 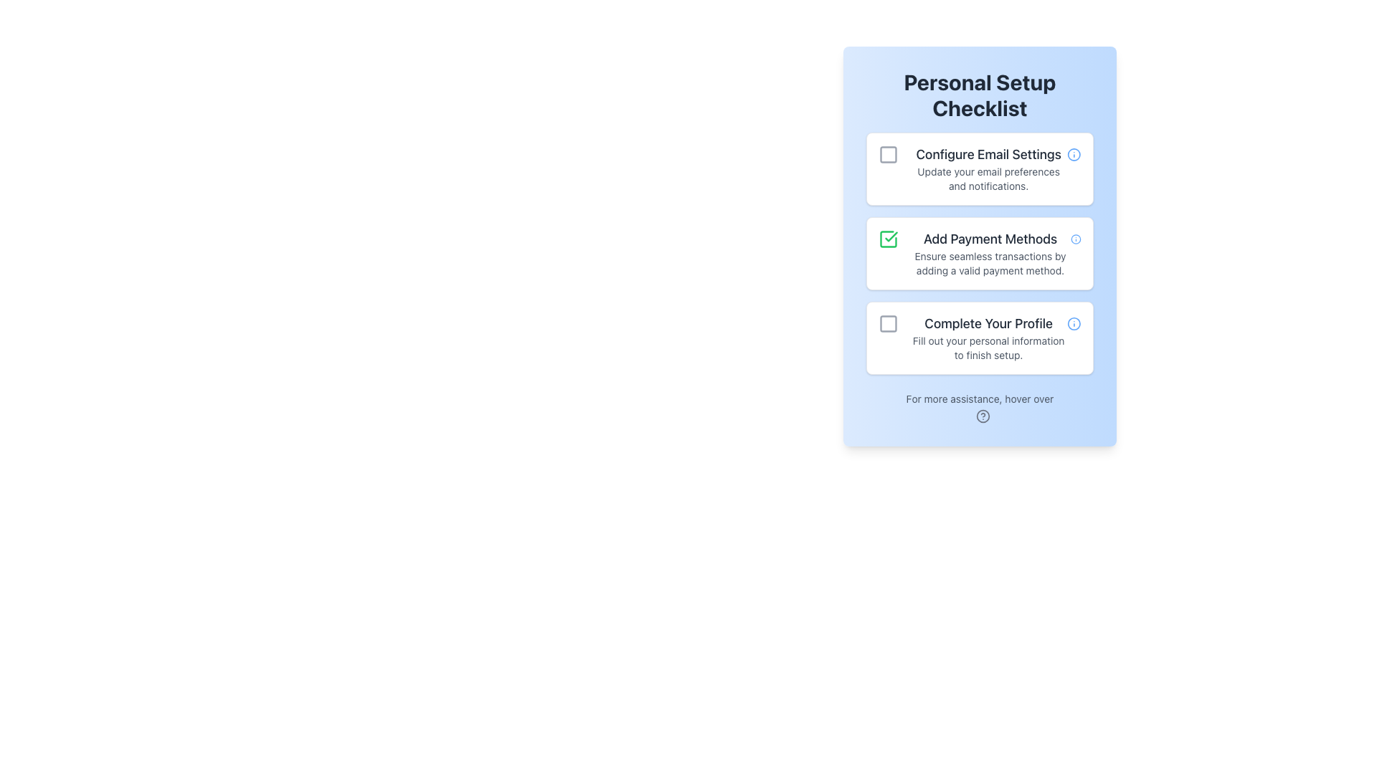 What do you see at coordinates (887, 323) in the screenshot?
I see `the checkbox located to the left of the text 'Complete Your Profile'` at bounding box center [887, 323].